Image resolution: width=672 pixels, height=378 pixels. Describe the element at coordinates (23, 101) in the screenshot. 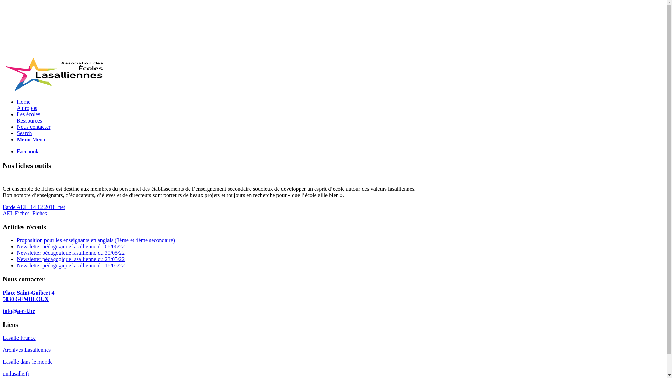

I see `'Home'` at that location.